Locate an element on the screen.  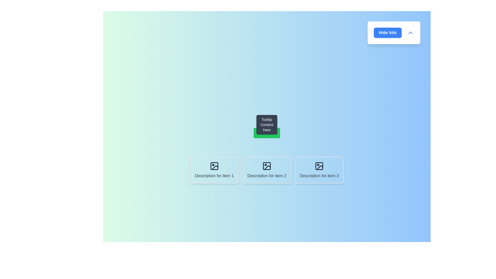
the image placeholder/icon representing the third item in a horizontal row of three items is located at coordinates (319, 166).